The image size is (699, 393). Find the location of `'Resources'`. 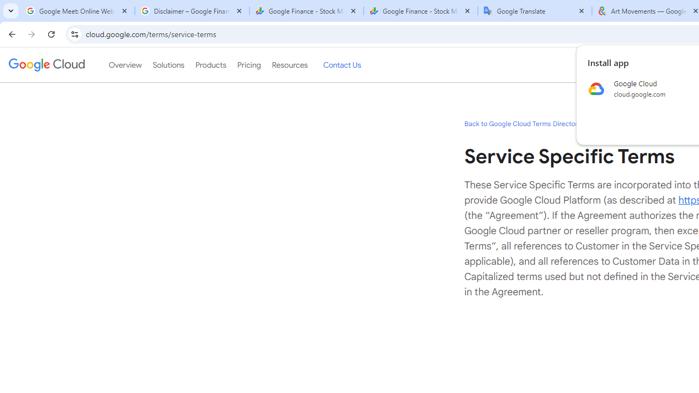

'Resources' is located at coordinates (289, 65).